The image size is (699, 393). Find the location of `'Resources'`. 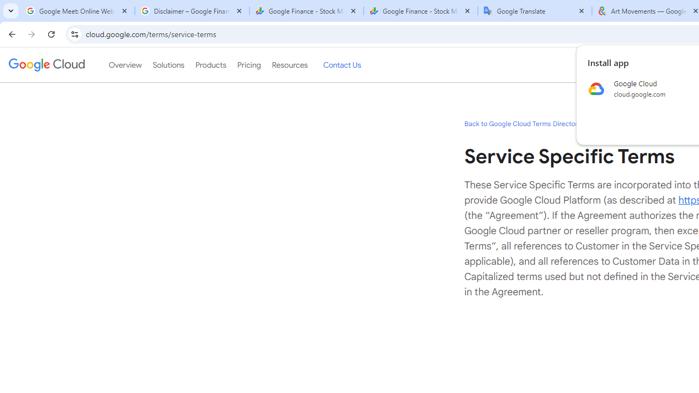

'Resources' is located at coordinates (289, 65).